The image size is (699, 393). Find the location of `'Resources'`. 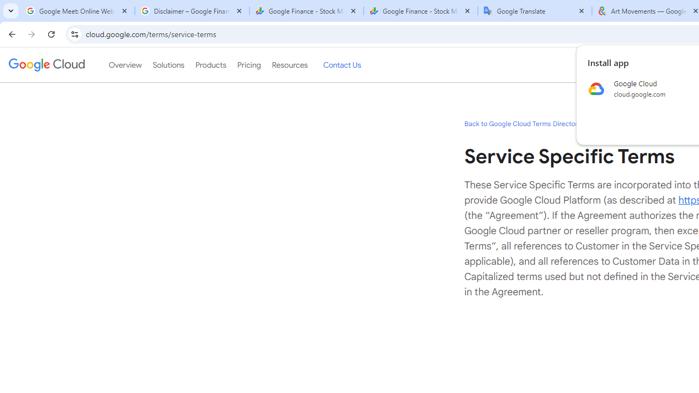

'Resources' is located at coordinates (289, 65).